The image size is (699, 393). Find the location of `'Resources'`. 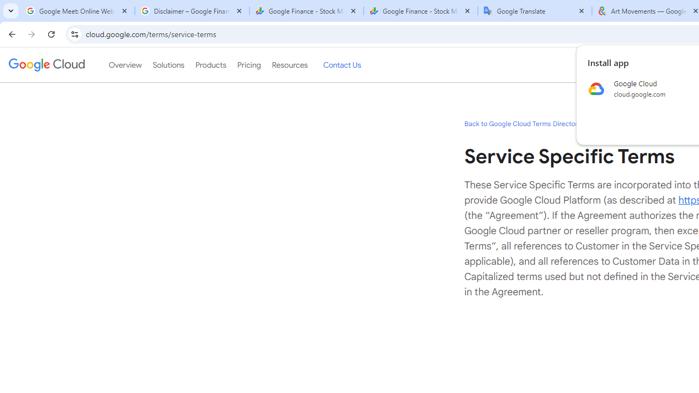

'Resources' is located at coordinates (289, 65).